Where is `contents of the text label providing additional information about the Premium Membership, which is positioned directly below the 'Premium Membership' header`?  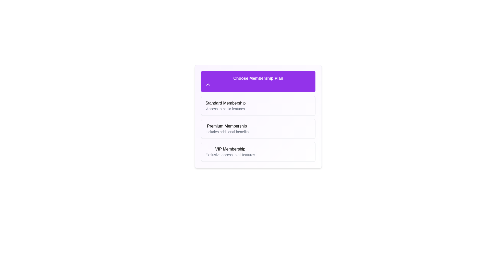
contents of the text label providing additional information about the Premium Membership, which is positioned directly below the 'Premium Membership' header is located at coordinates (227, 132).